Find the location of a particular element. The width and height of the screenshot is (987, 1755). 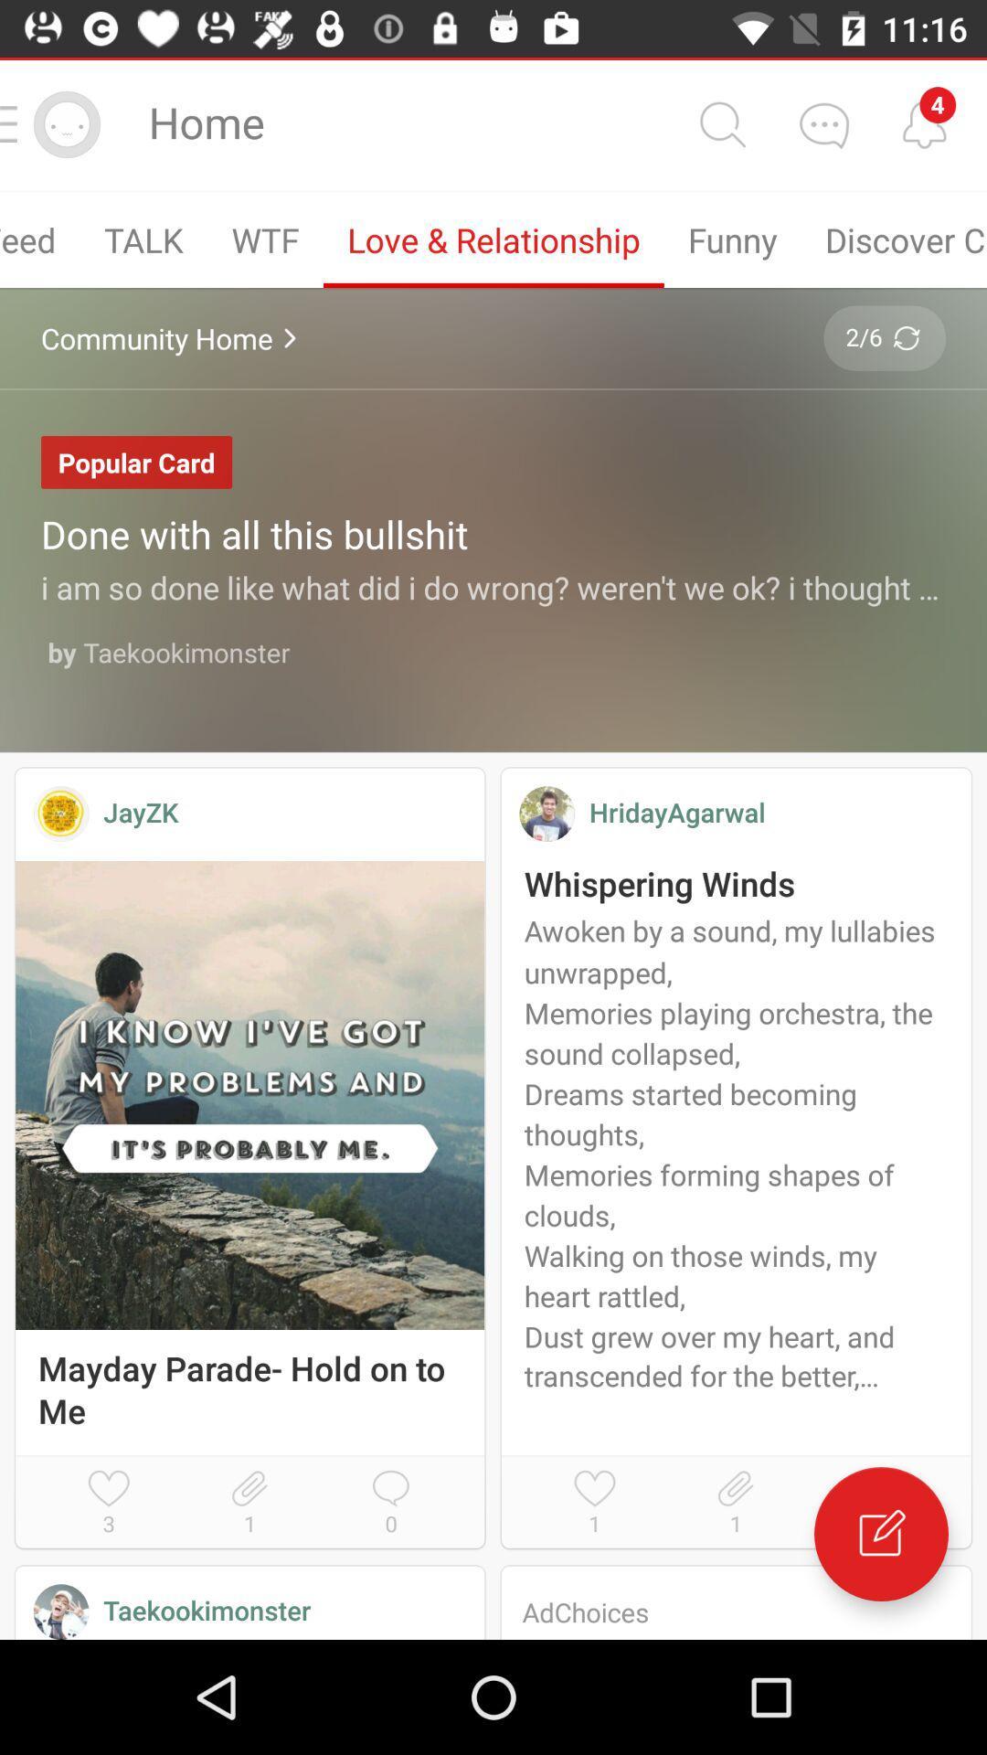

the search icon is located at coordinates (721, 123).